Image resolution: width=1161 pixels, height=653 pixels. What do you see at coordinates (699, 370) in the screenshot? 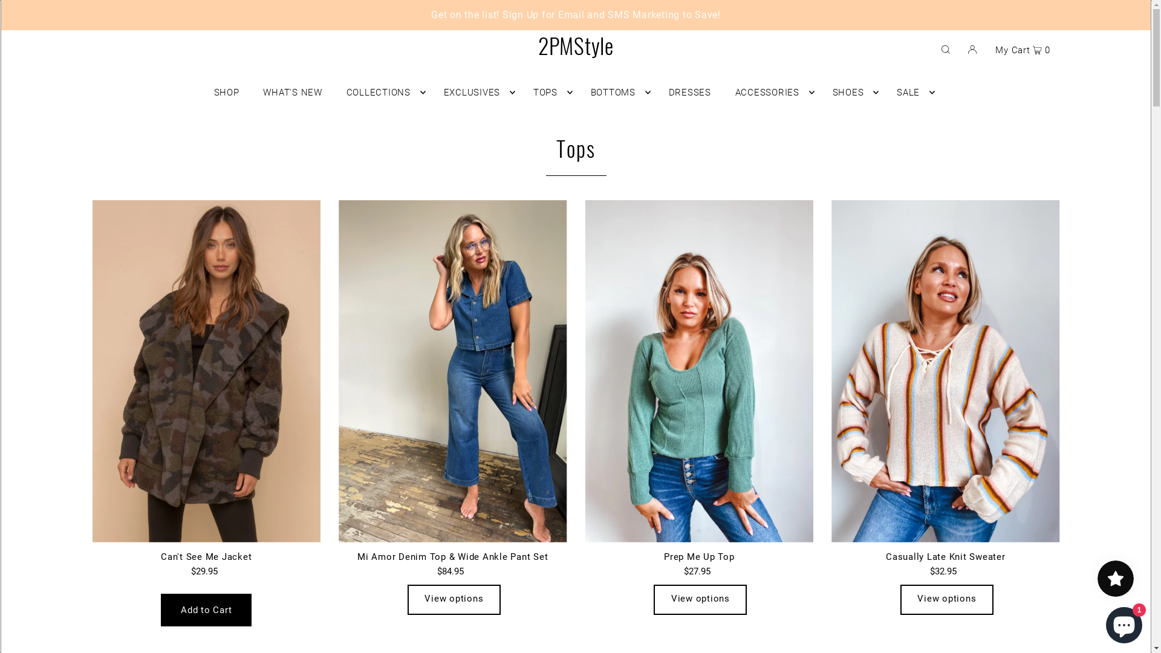
I see `'Prep Me Up Top'` at bounding box center [699, 370].